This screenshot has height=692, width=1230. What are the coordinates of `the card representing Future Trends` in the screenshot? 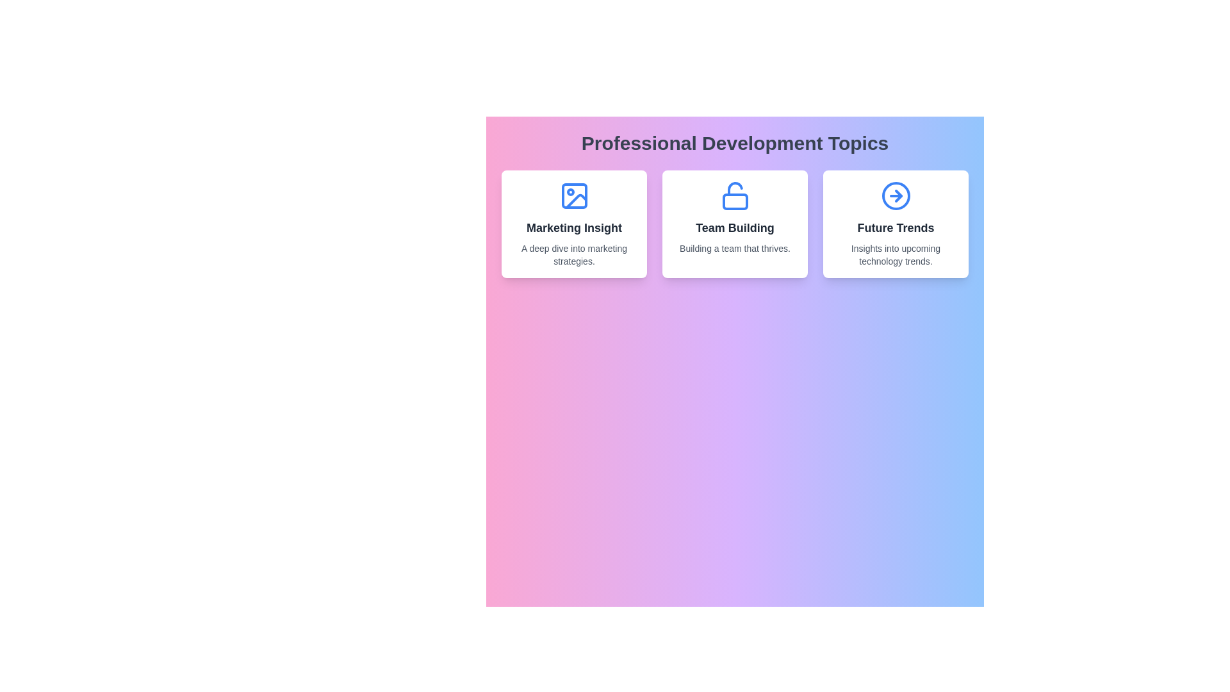 It's located at (895, 224).